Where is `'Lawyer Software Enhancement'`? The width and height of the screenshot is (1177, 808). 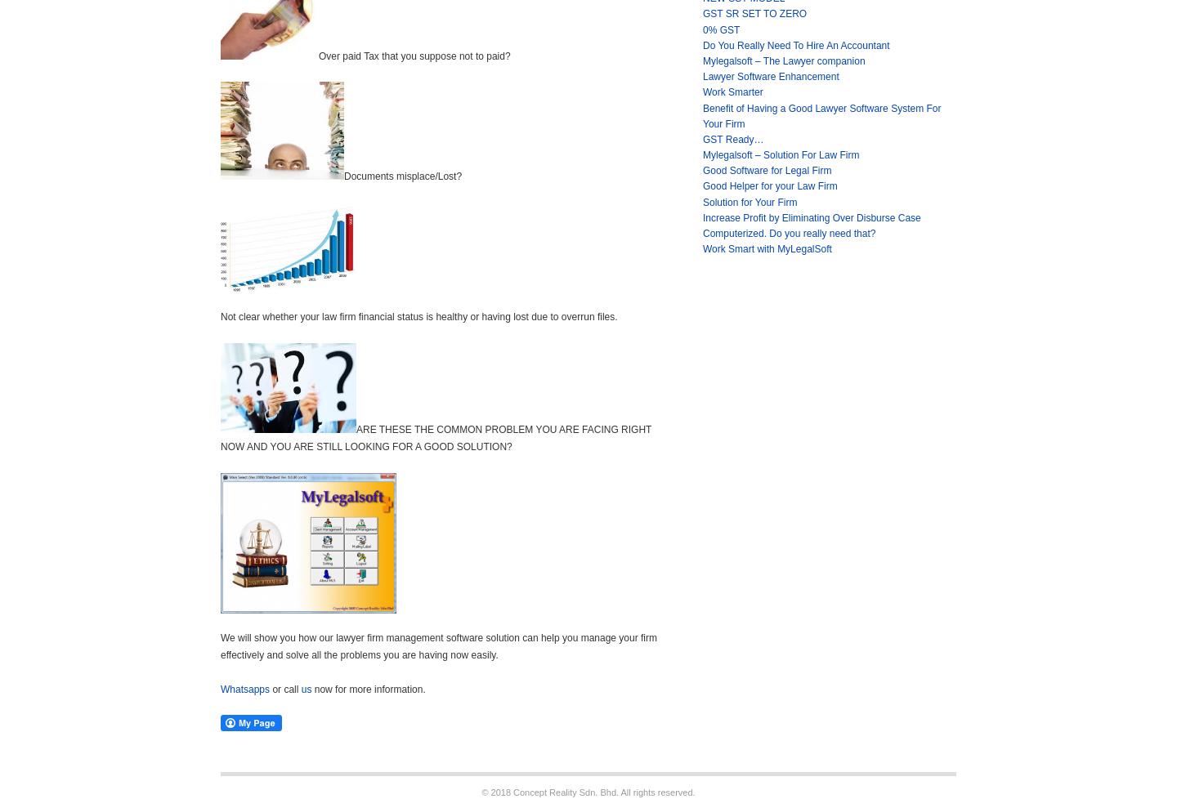
'Lawyer Software Enhancement' is located at coordinates (771, 76).